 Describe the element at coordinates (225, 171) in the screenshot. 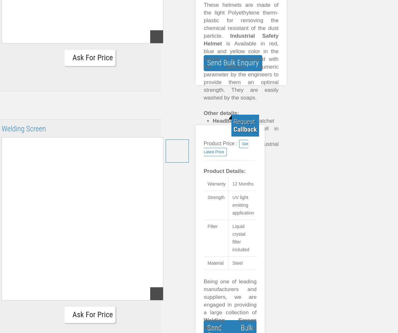

I see `'Product Details:'` at that location.